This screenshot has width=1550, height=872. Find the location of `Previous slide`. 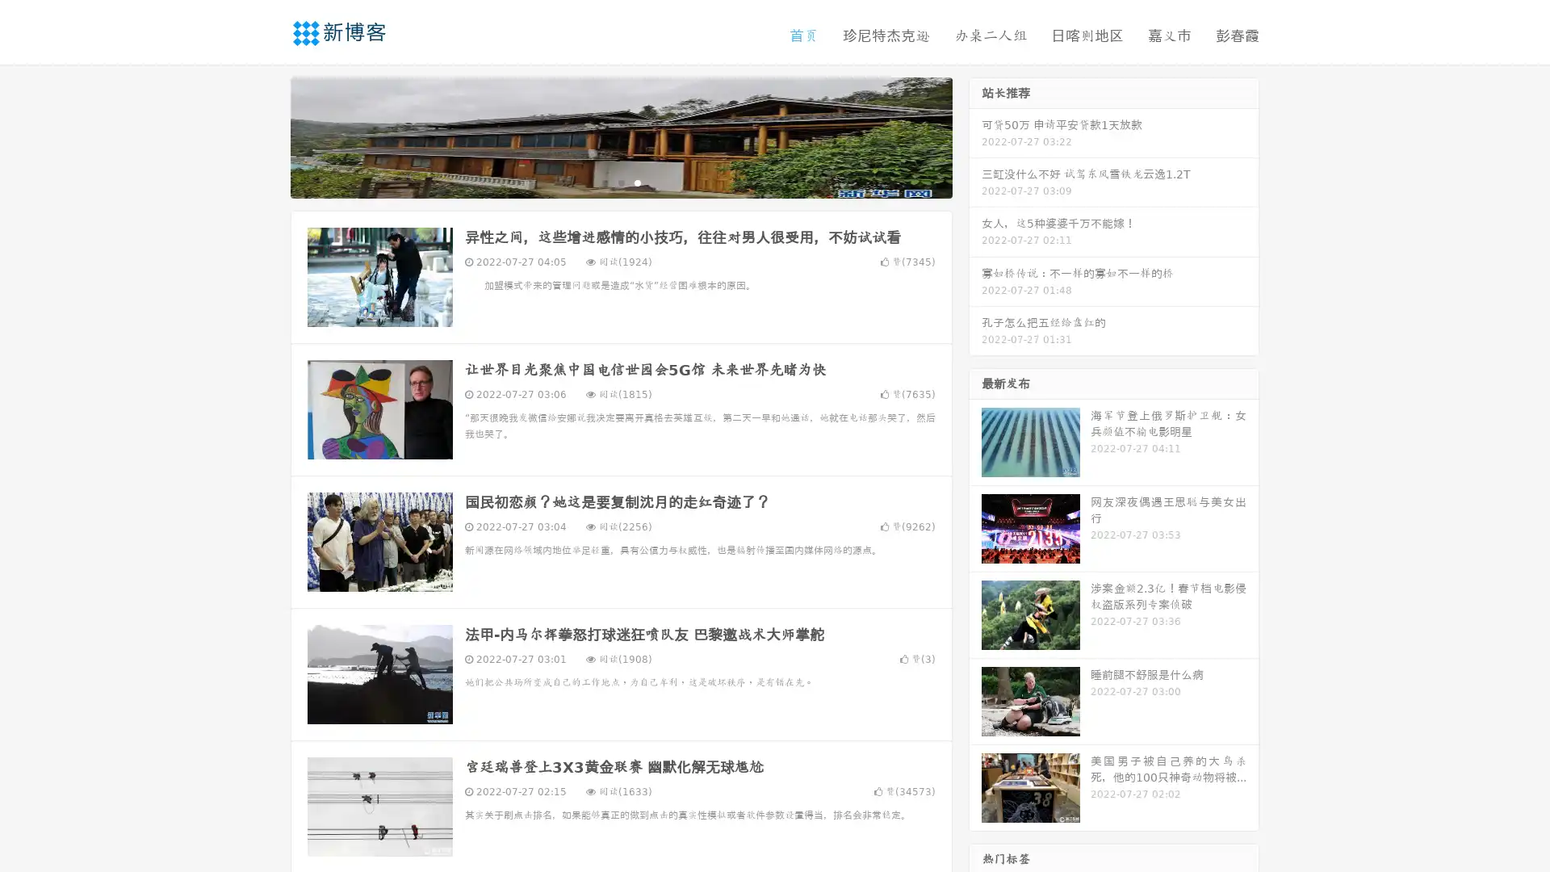

Previous slide is located at coordinates (266, 136).